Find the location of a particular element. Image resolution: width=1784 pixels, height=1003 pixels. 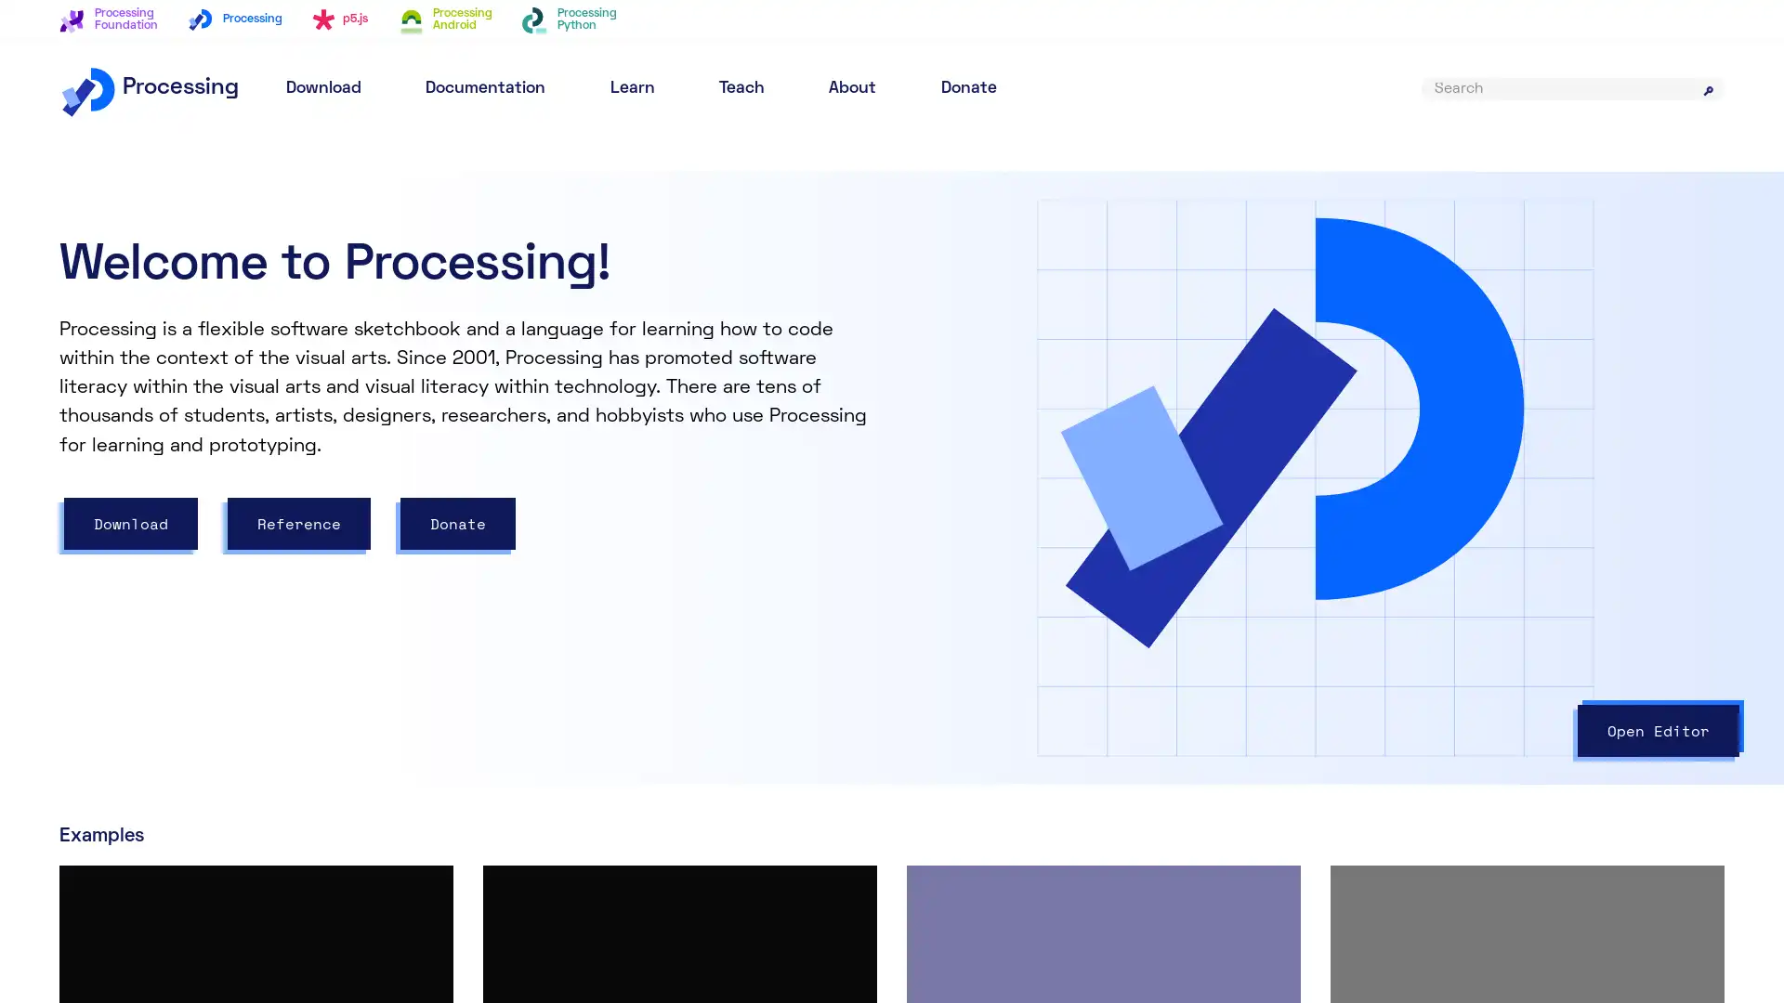

Learn is located at coordinates (632, 87).